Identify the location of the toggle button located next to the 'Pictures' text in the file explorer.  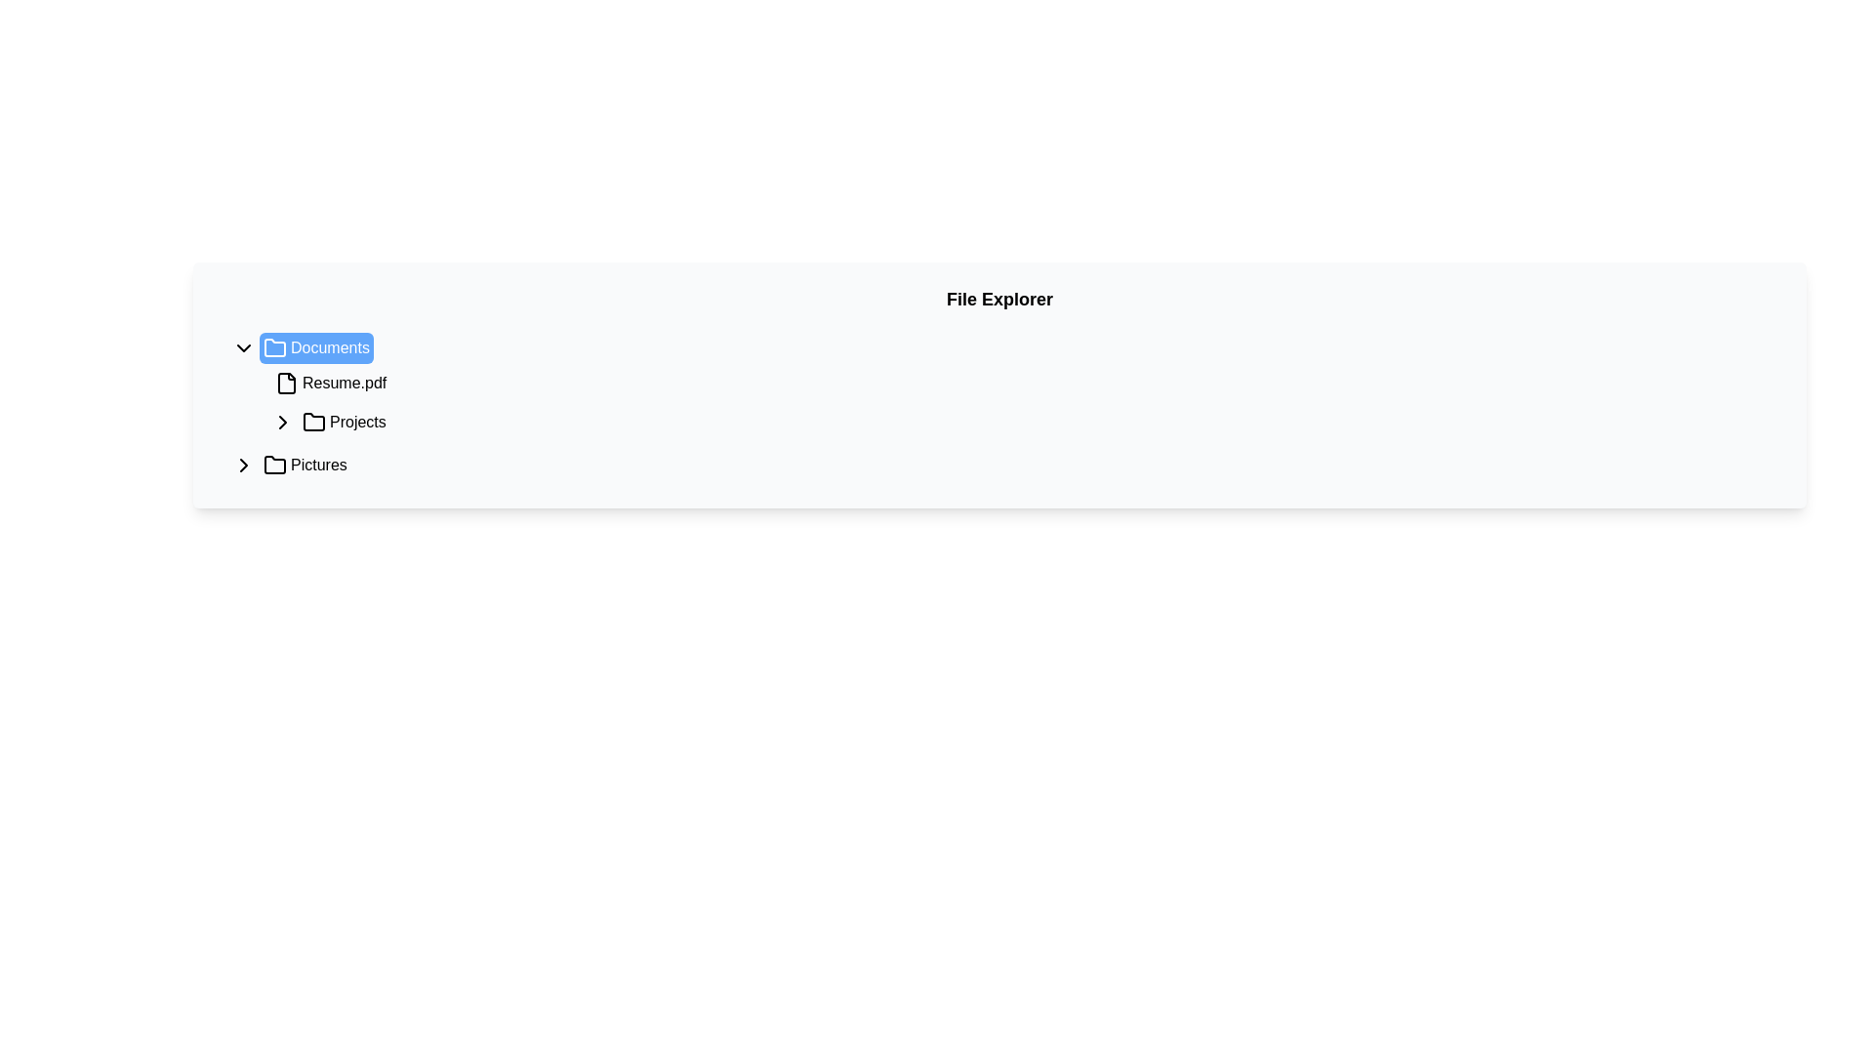
(242, 466).